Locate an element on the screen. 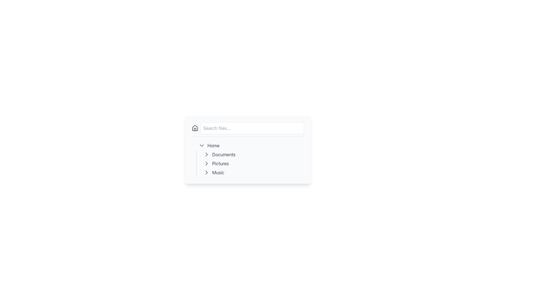 The width and height of the screenshot is (539, 303). the right-pointing chevron icon (▶) located to the left of the 'Pictures' text in the hierarchical navigation list for visual indication is located at coordinates (206, 155).